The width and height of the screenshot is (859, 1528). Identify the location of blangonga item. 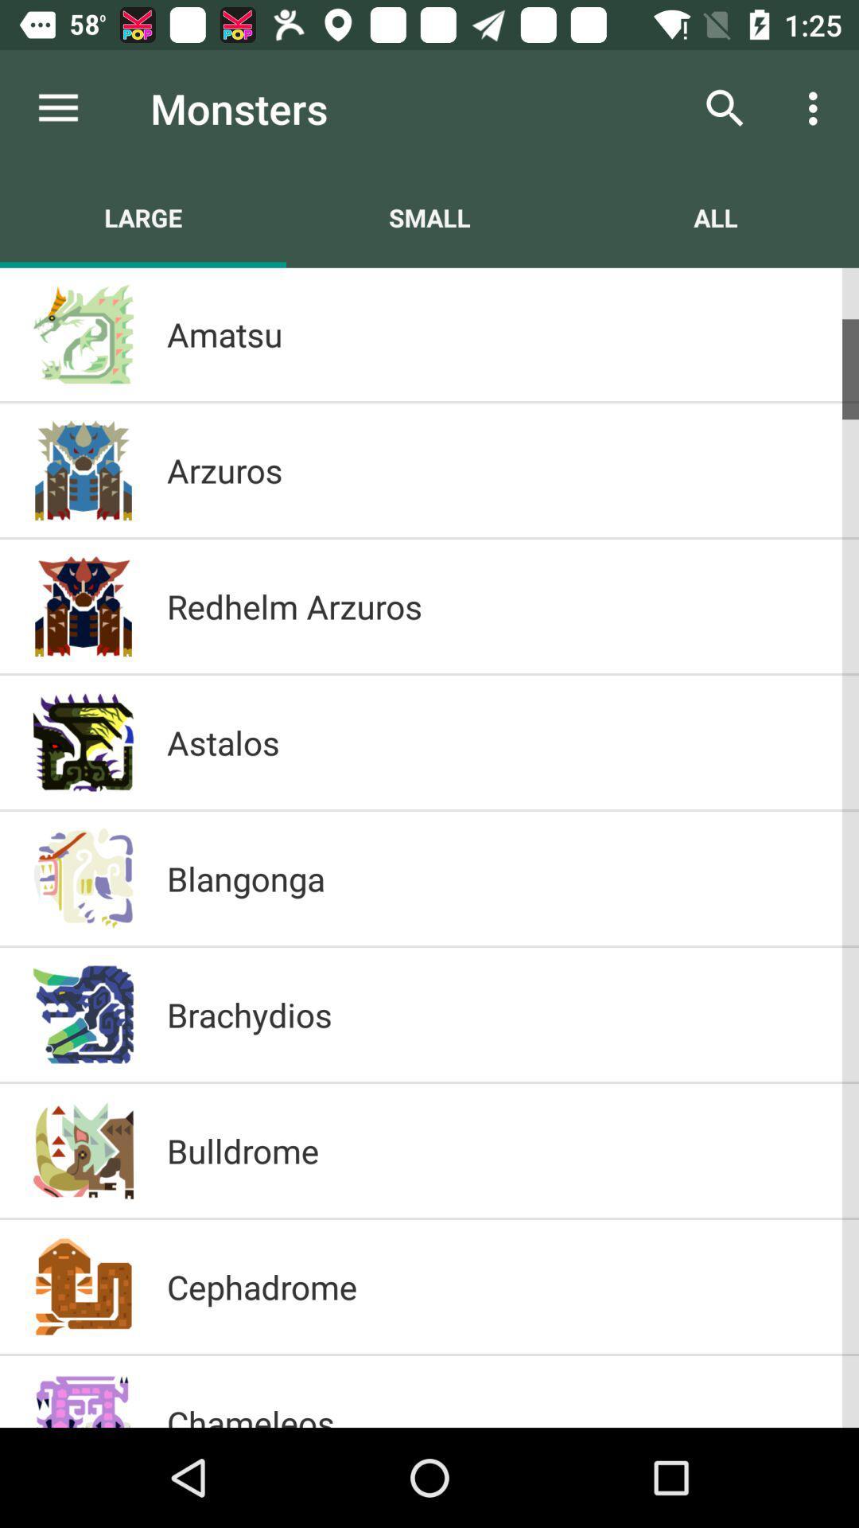
(496, 878).